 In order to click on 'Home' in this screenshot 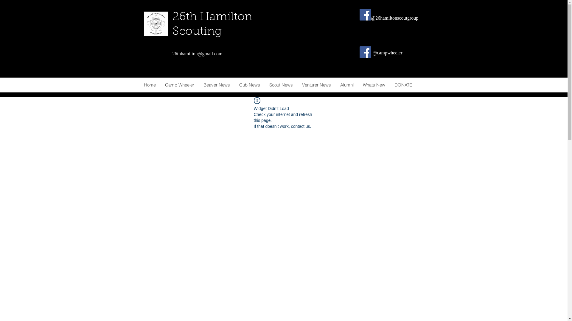, I will do `click(150, 85)`.